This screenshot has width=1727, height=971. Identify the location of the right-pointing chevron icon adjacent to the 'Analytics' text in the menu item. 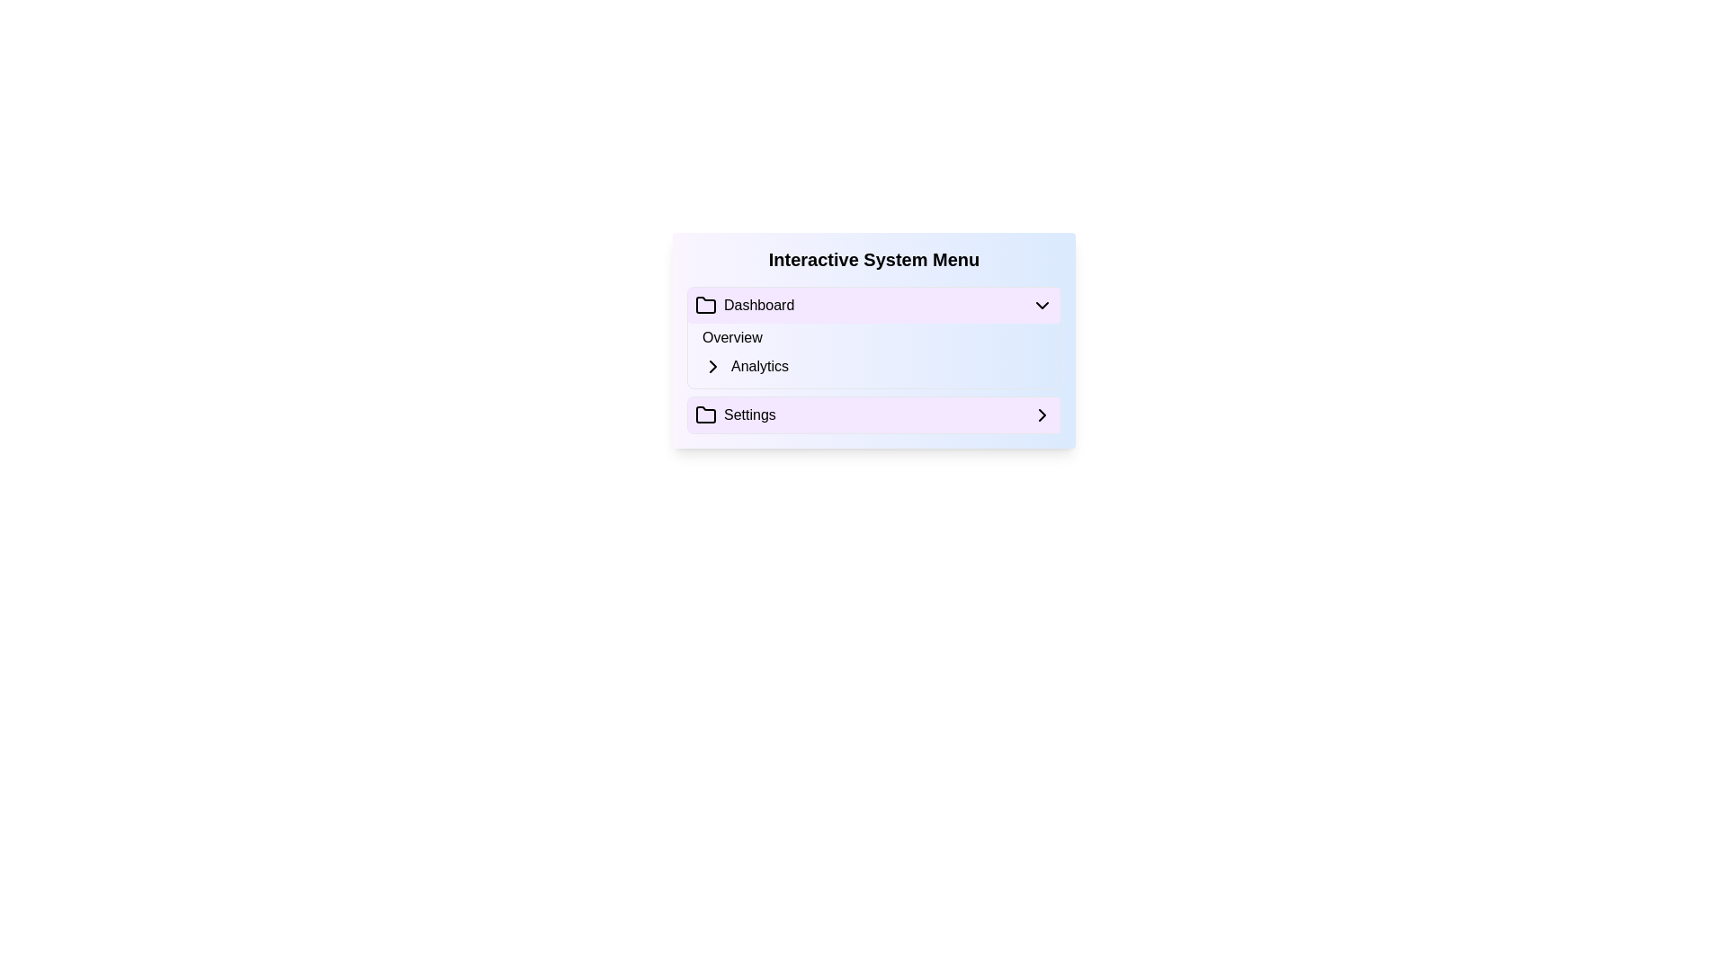
(711, 366).